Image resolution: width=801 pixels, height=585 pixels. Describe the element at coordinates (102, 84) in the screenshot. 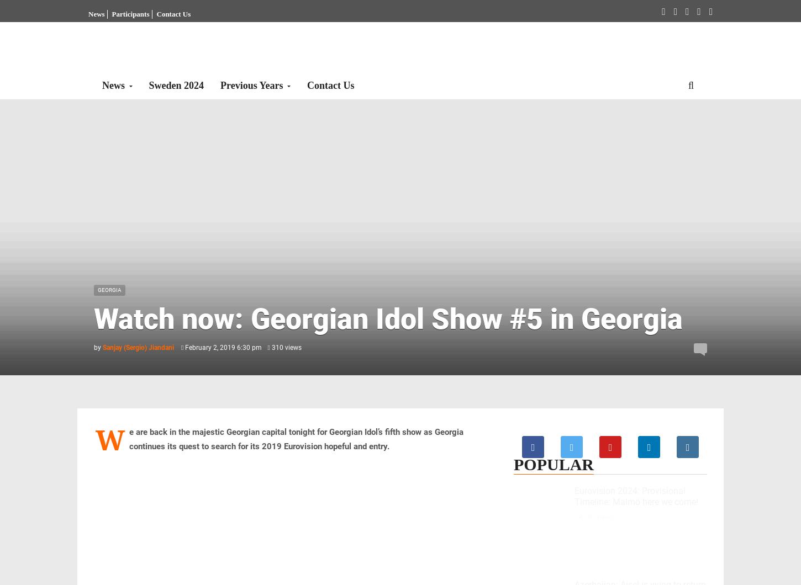

I see `'News'` at that location.